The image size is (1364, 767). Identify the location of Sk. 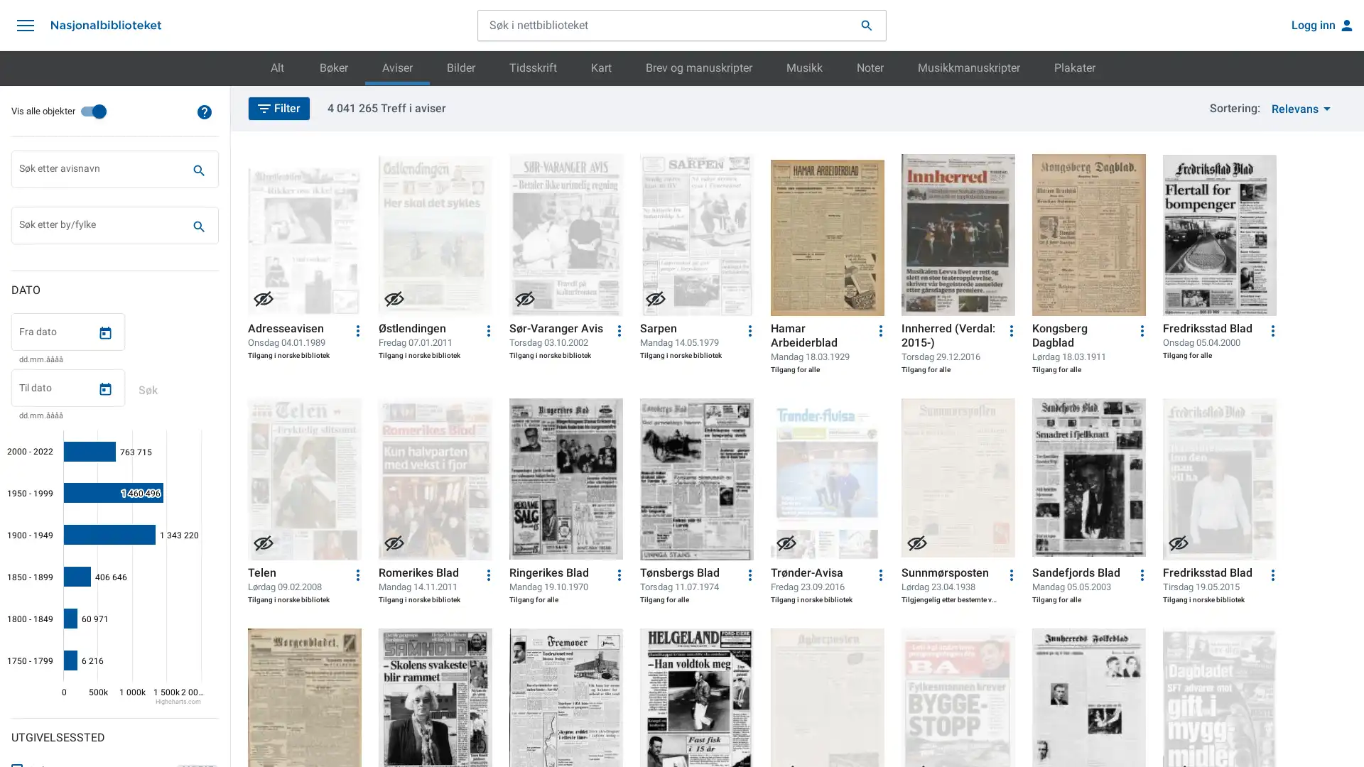
(865, 25).